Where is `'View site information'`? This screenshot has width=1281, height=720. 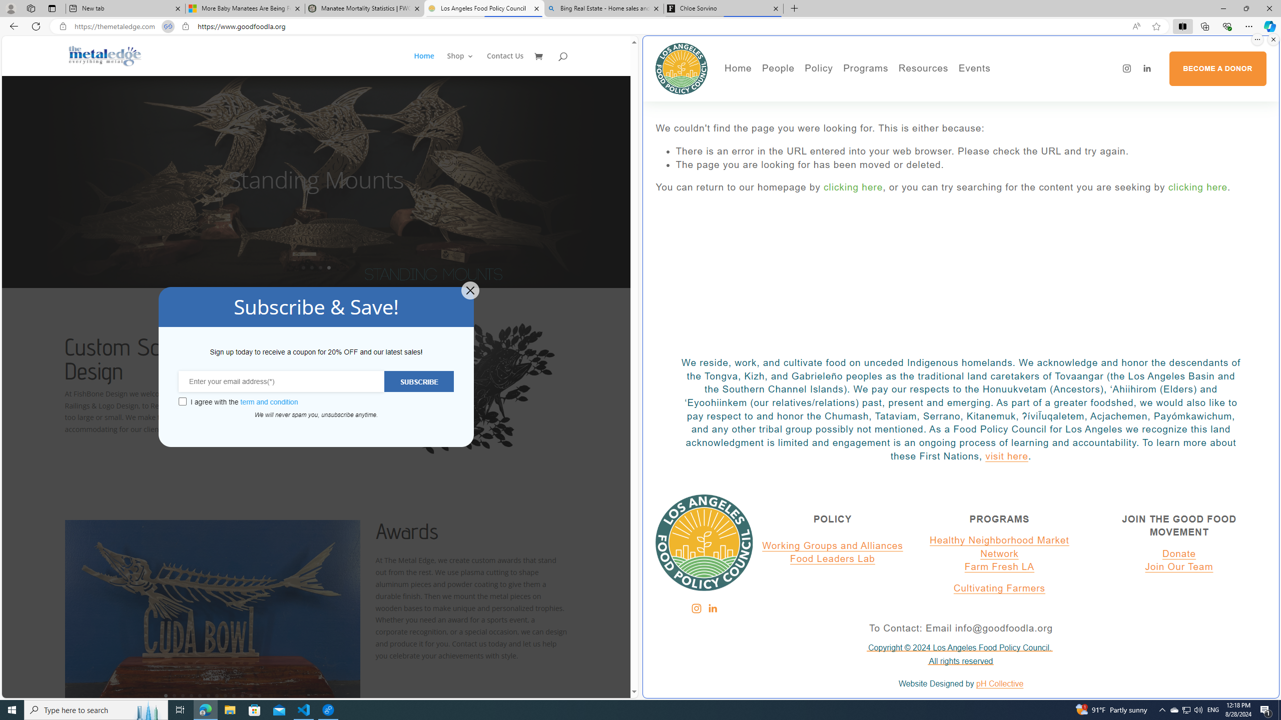 'View site information' is located at coordinates (185, 26).